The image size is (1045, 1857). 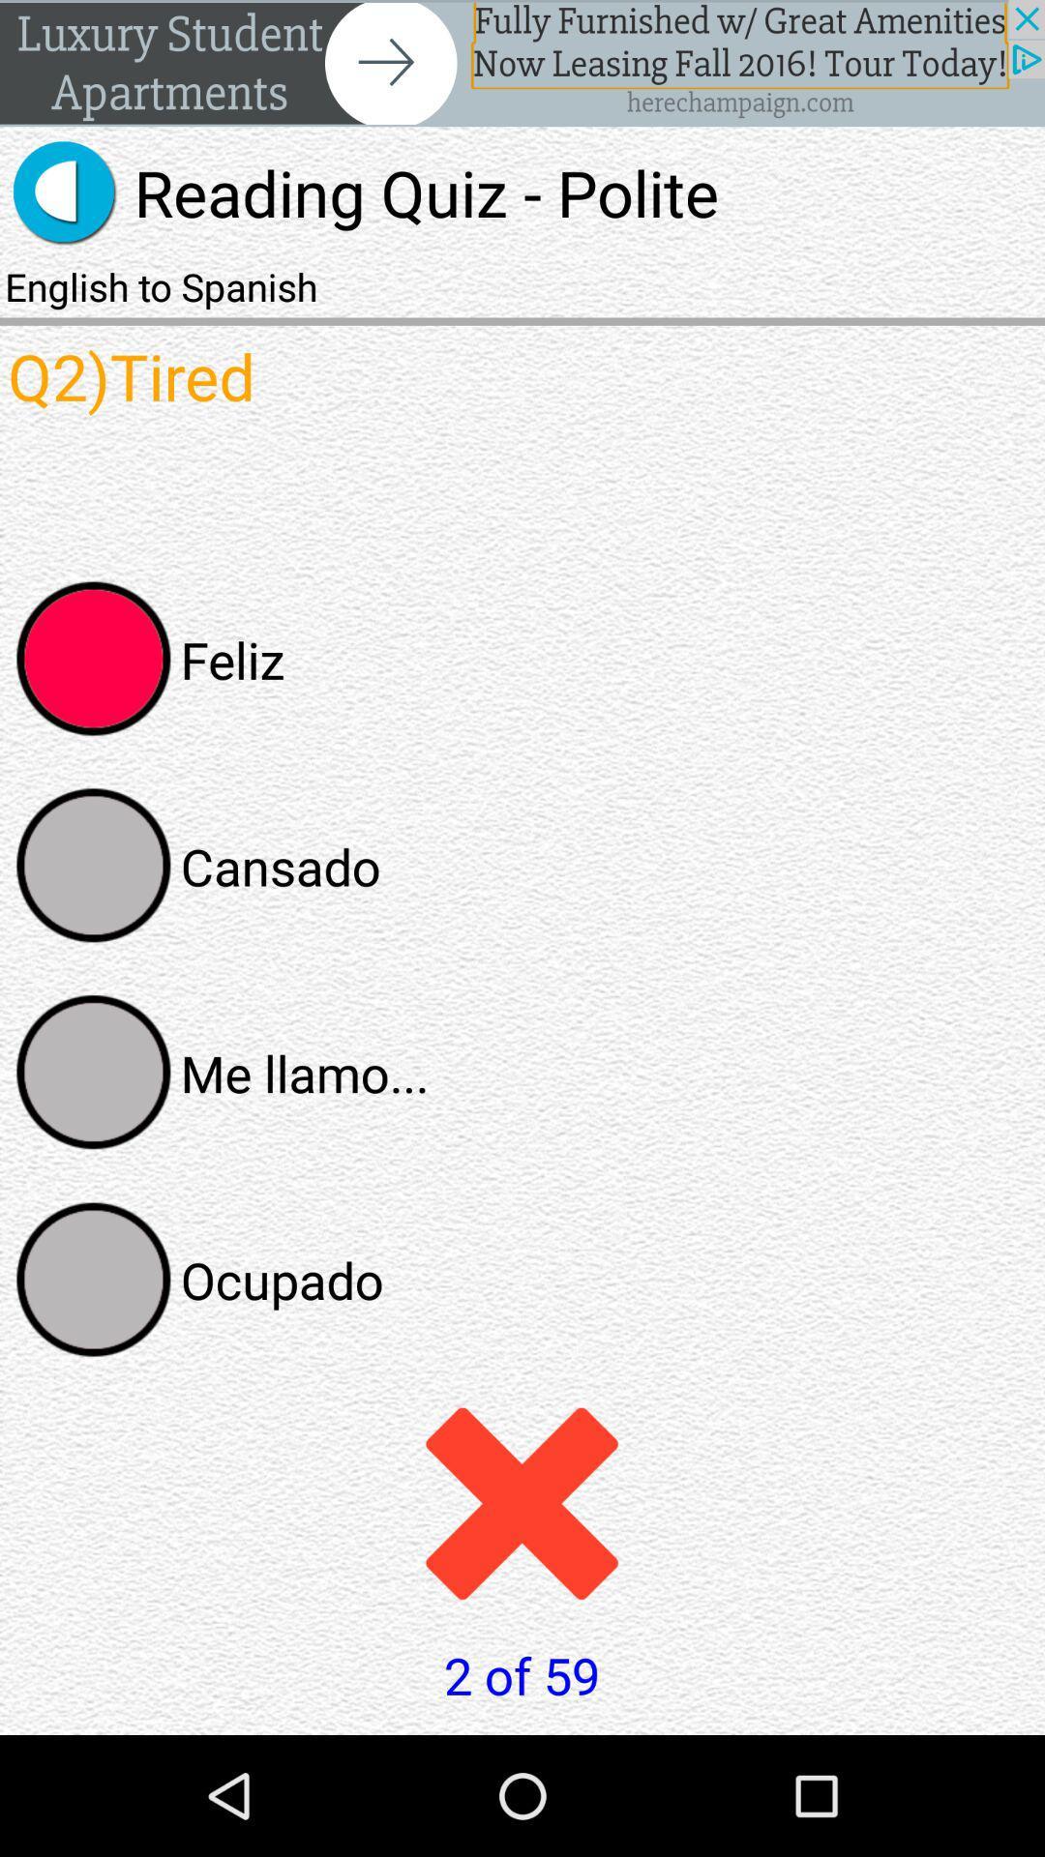 I want to click on option, so click(x=94, y=1072).